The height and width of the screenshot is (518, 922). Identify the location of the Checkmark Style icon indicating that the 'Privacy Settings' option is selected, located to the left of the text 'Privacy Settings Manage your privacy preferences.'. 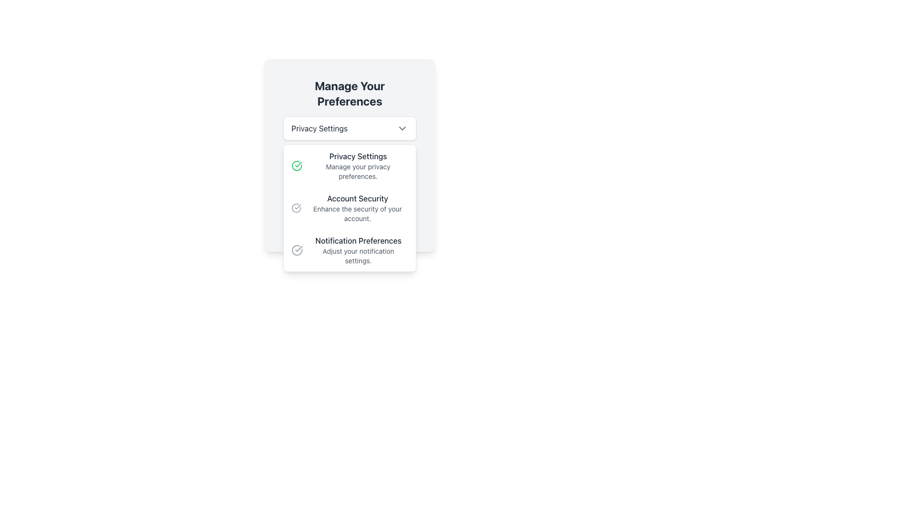
(296, 165).